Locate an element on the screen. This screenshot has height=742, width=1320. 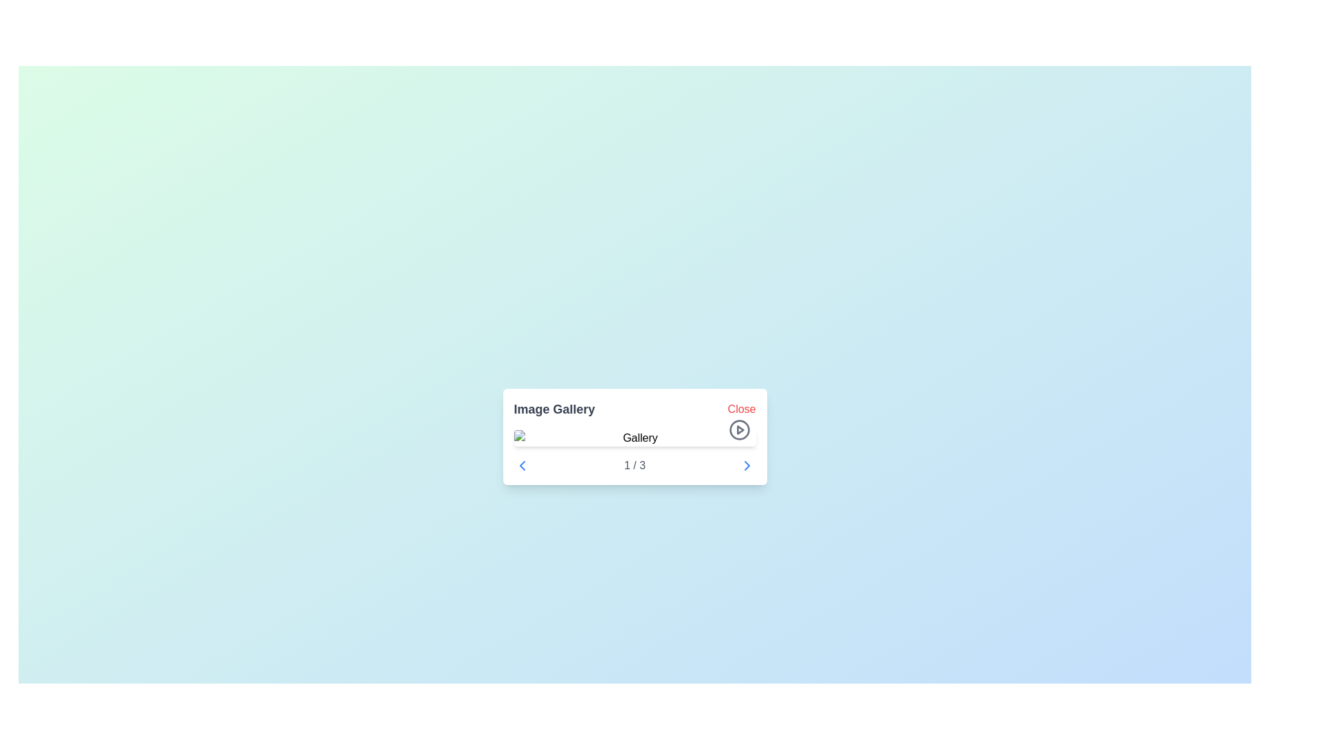
the play button in the bottom-right corner of the image gallery component to change its state is located at coordinates (738, 429).